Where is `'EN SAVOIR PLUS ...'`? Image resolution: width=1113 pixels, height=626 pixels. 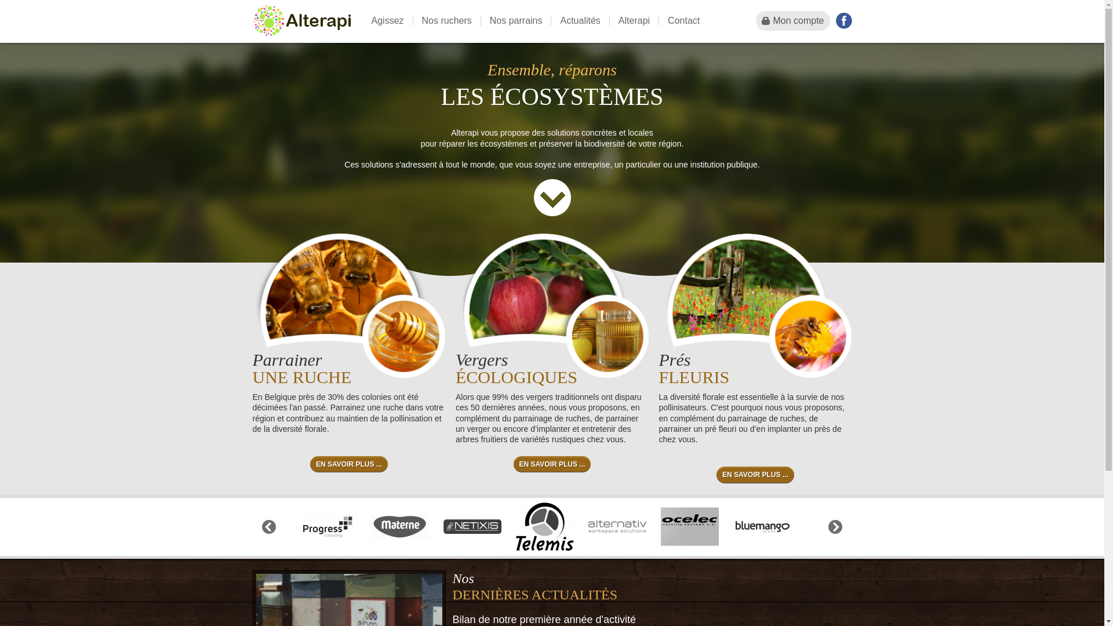
'EN SAVOIR PLUS ...' is located at coordinates (755, 474).